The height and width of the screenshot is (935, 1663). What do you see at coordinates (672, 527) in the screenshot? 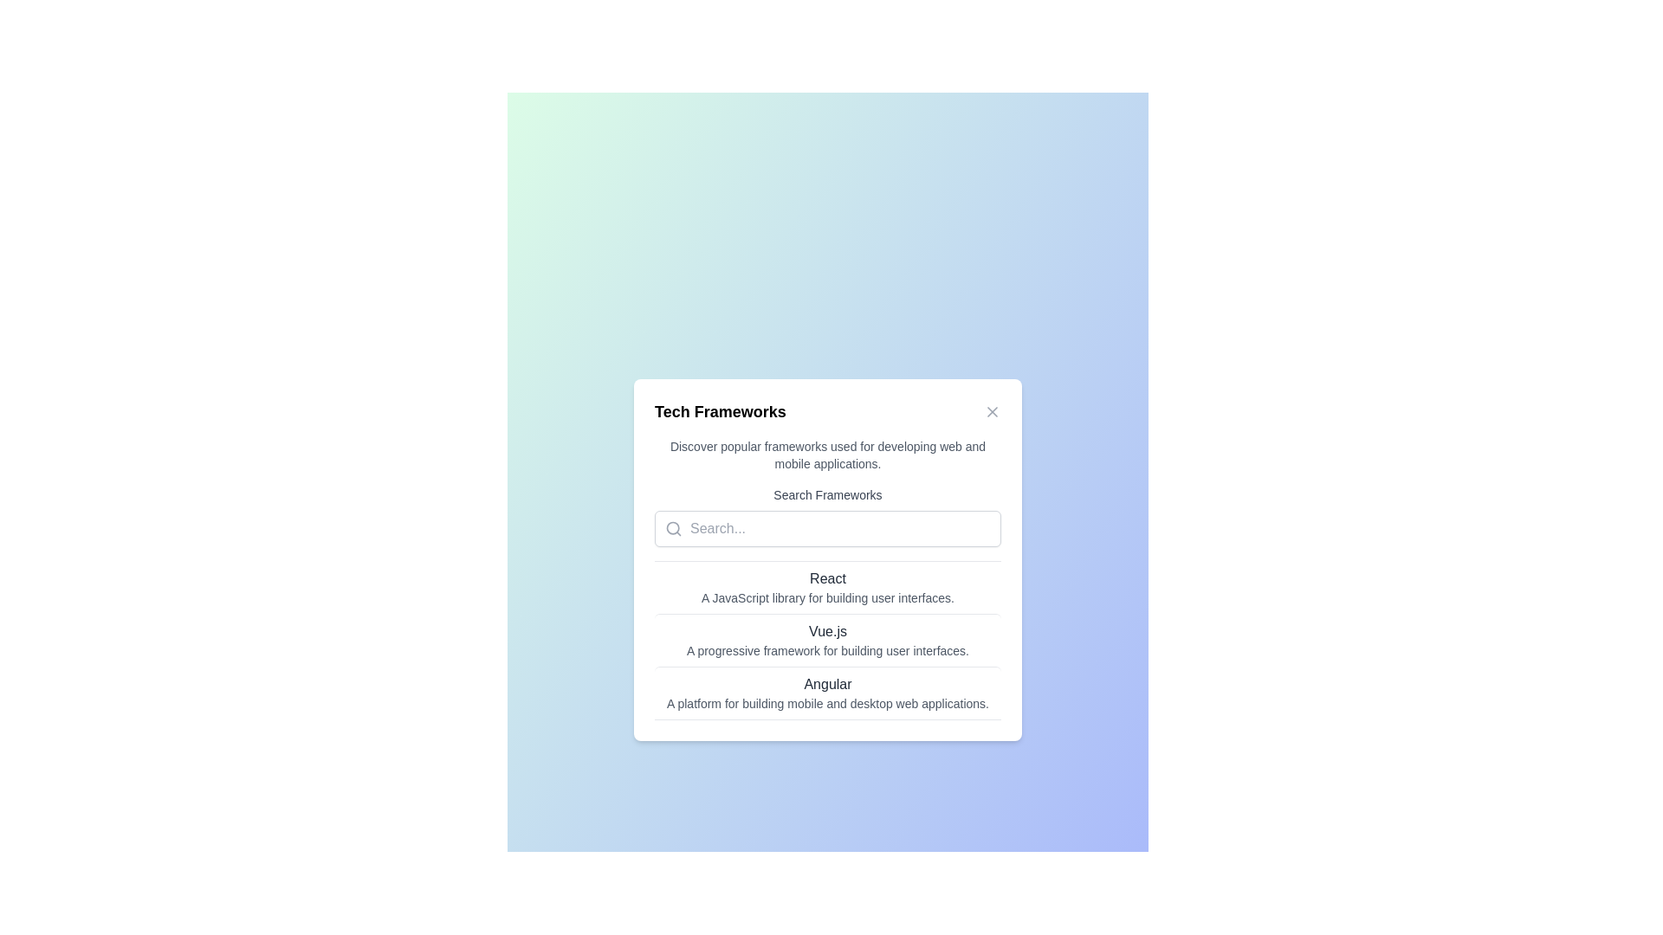
I see `the circular part of the magnifying glass icon, which symbolizes search functionality and is located to the left of the search input field` at bounding box center [672, 527].